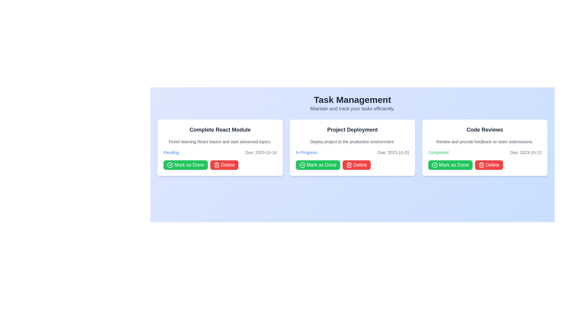  Describe the element at coordinates (485, 142) in the screenshot. I see `the descriptive text element located below the 'Code Reviews' title within the 'Code Reviews' card` at that location.